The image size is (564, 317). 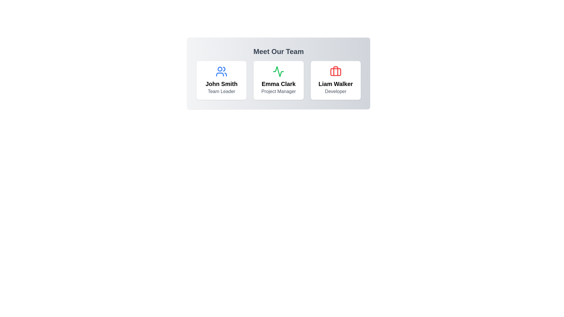 What do you see at coordinates (278, 92) in the screenshot?
I see `the text label displaying 'Project Manager' located below the name 'Emma Clark' in the profile card` at bounding box center [278, 92].